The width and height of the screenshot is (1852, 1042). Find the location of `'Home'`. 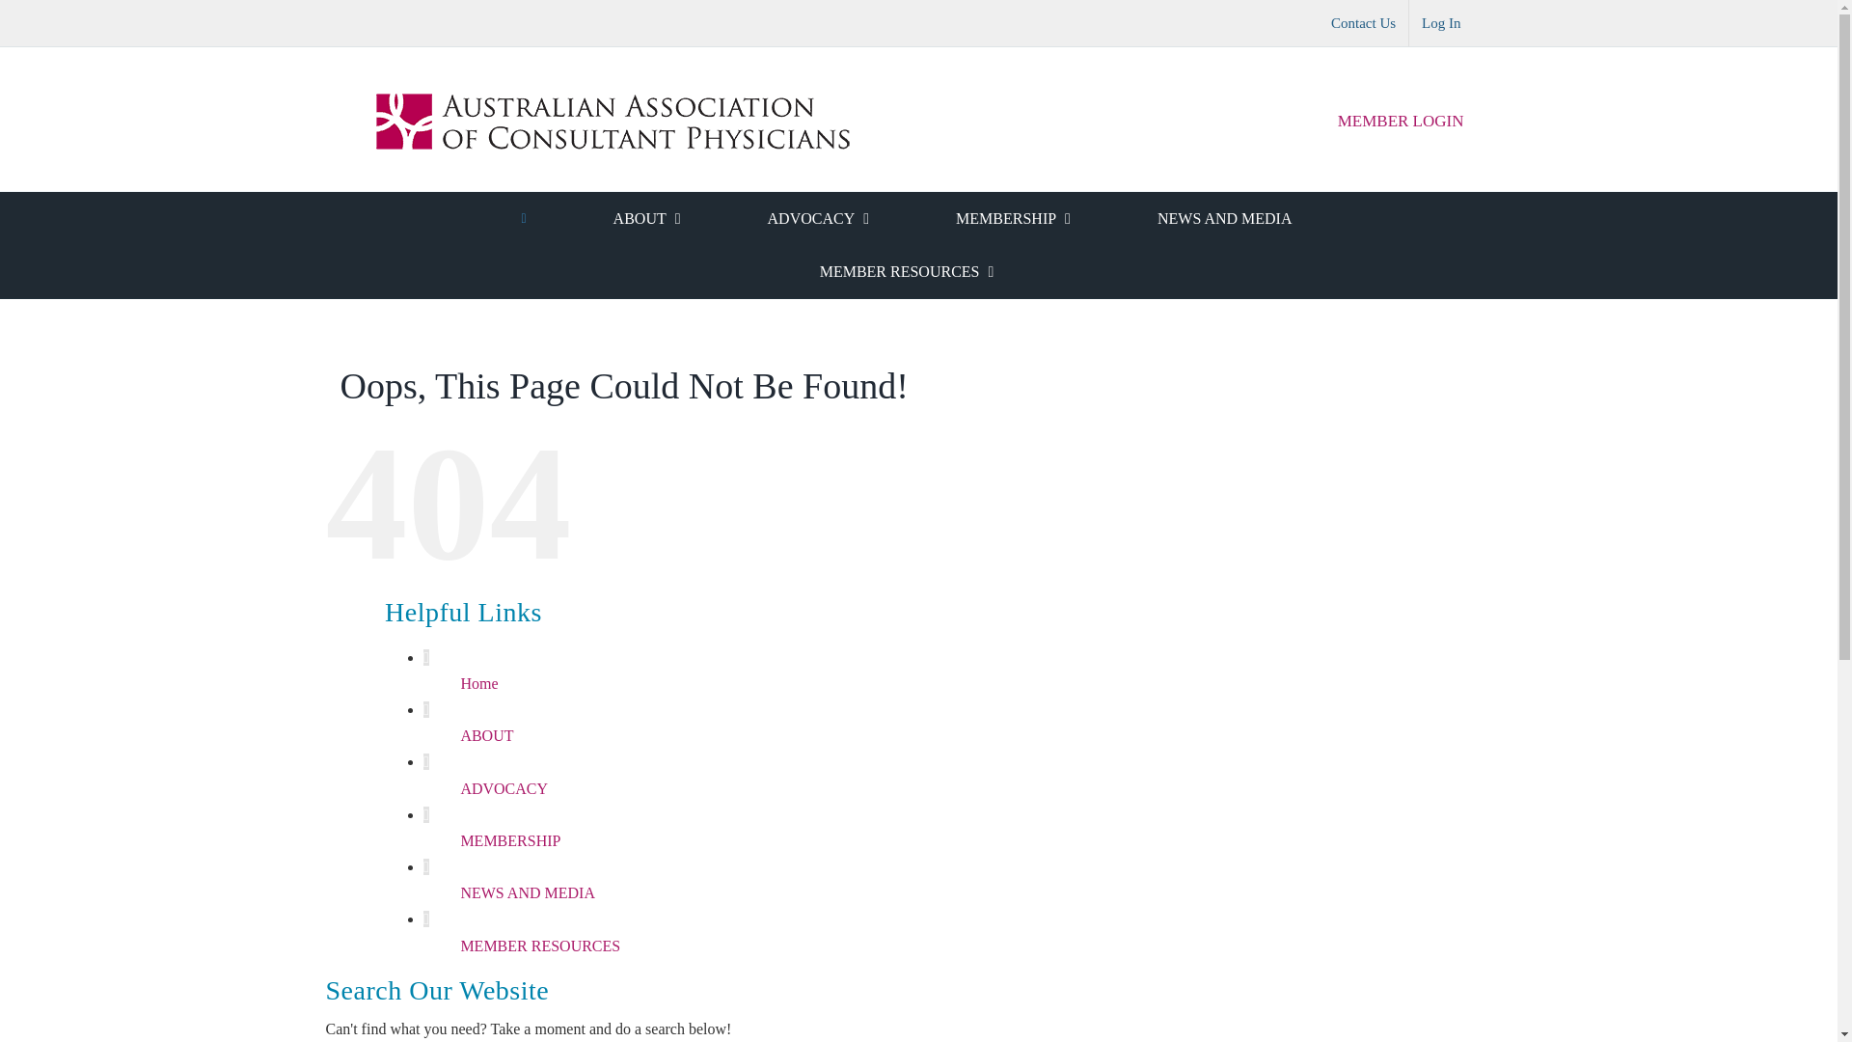

'Home' is located at coordinates (478, 682).